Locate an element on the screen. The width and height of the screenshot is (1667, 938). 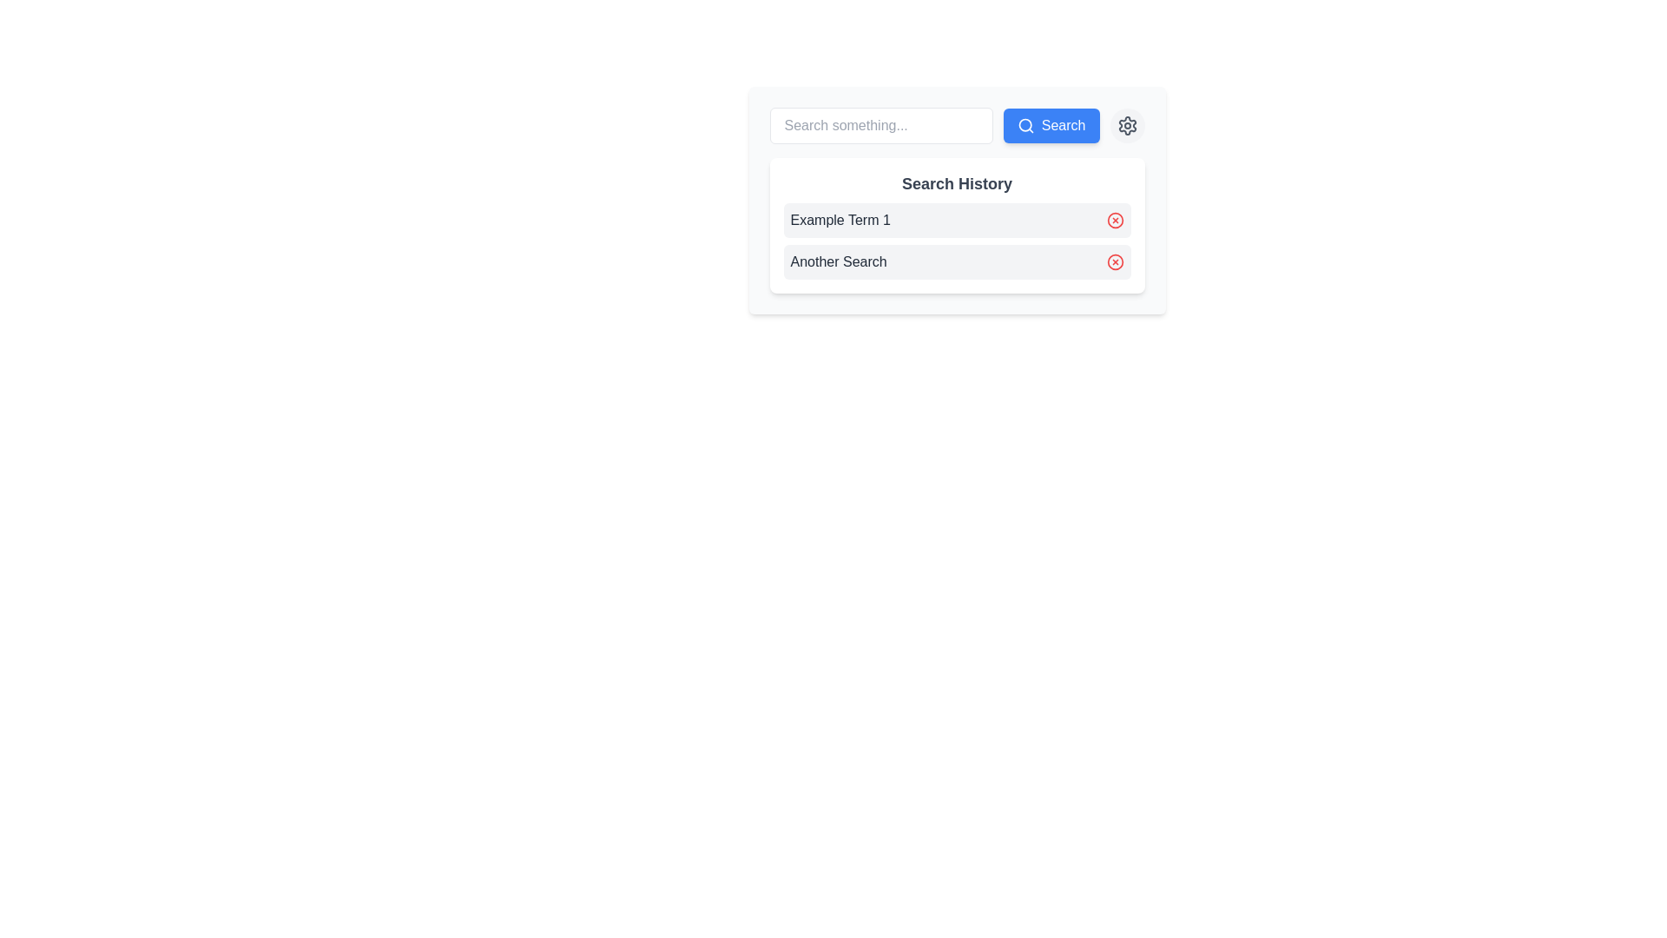
the rectangular button with a blue background and 'Search' text is located at coordinates (1051, 125).